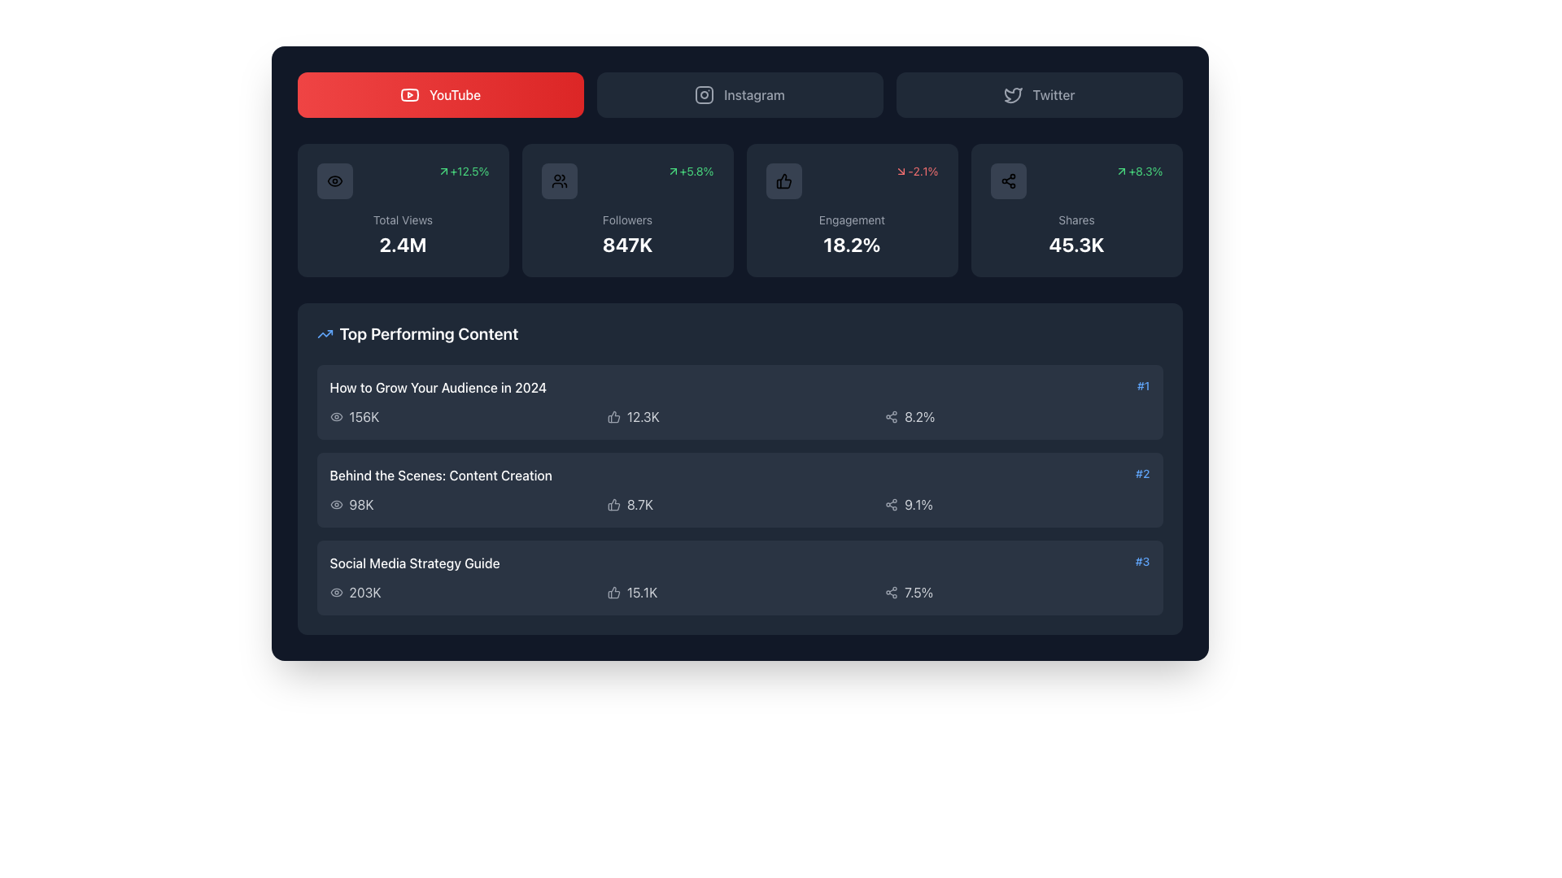 The image size is (1562, 878). What do you see at coordinates (438, 388) in the screenshot?
I see `the static text element that displays the title of the first item in the 'Top Performing Content' section` at bounding box center [438, 388].